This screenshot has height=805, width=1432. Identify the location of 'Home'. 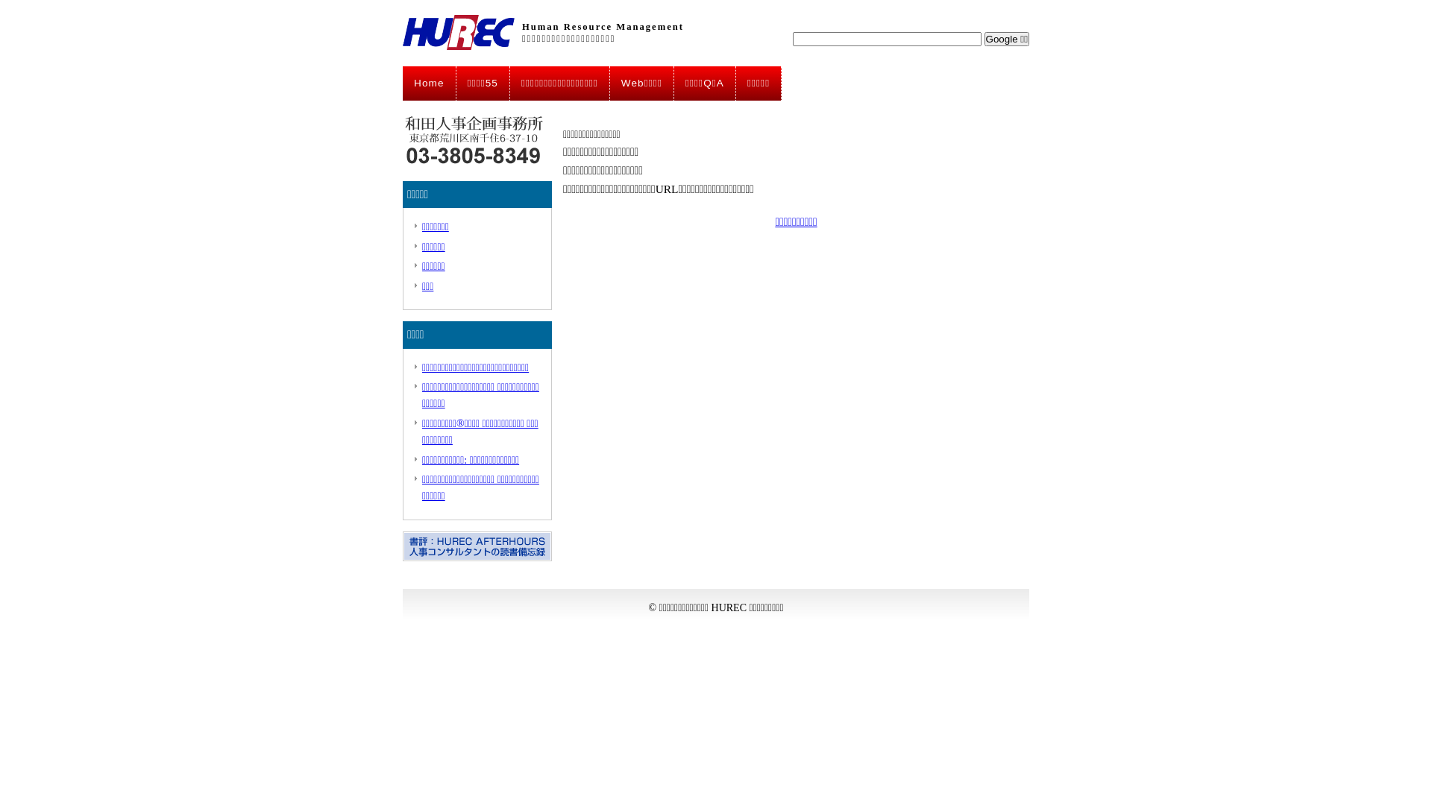
(428, 83).